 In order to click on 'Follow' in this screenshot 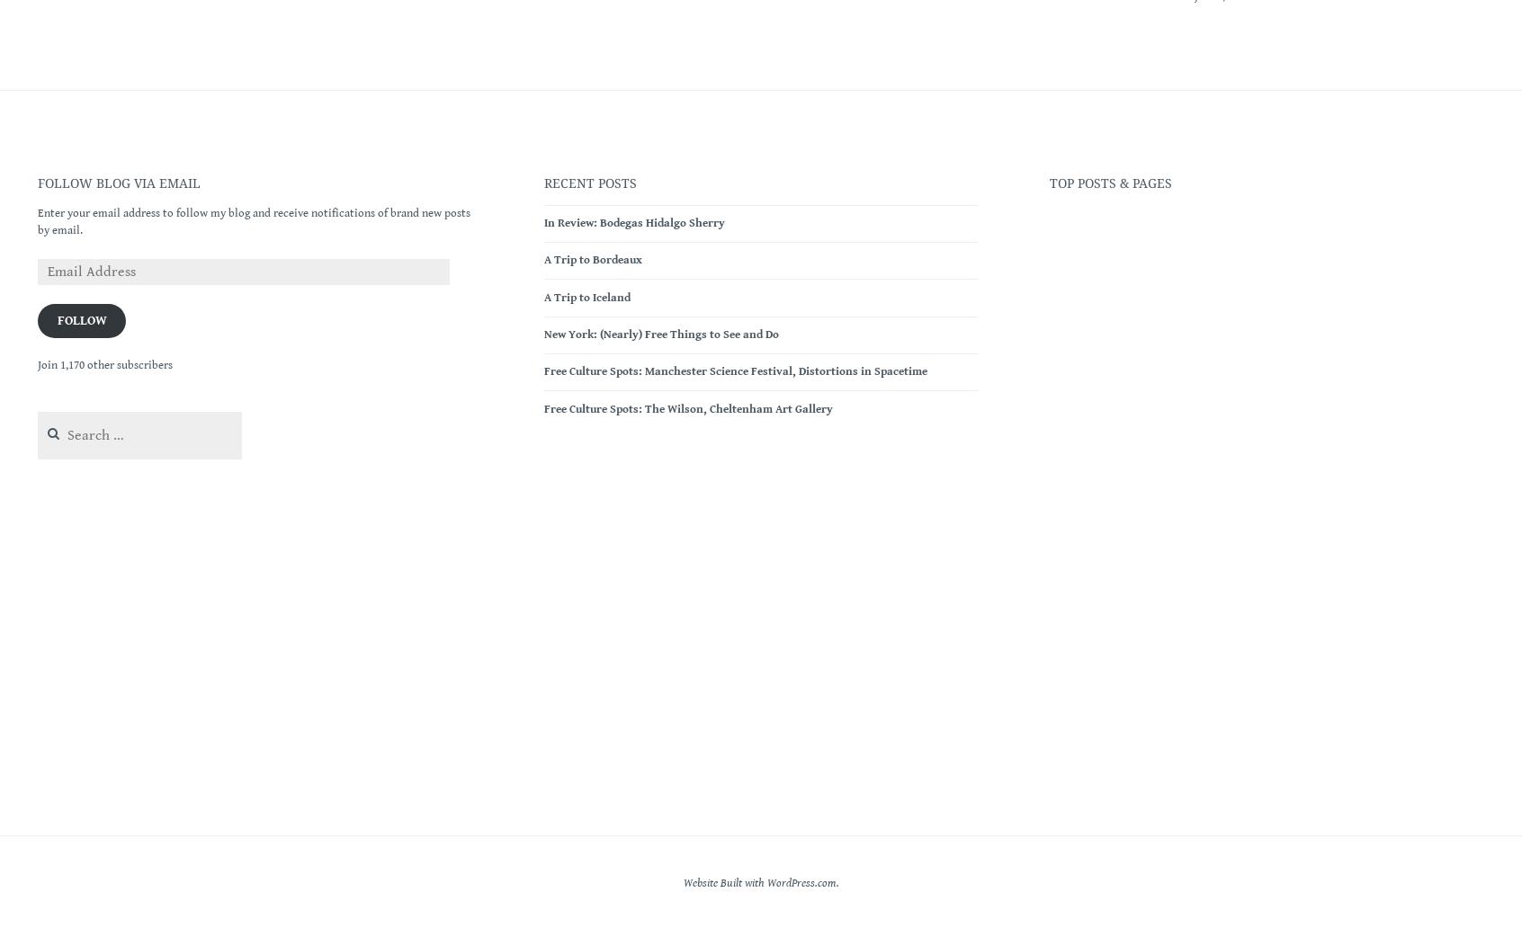, I will do `click(81, 319)`.